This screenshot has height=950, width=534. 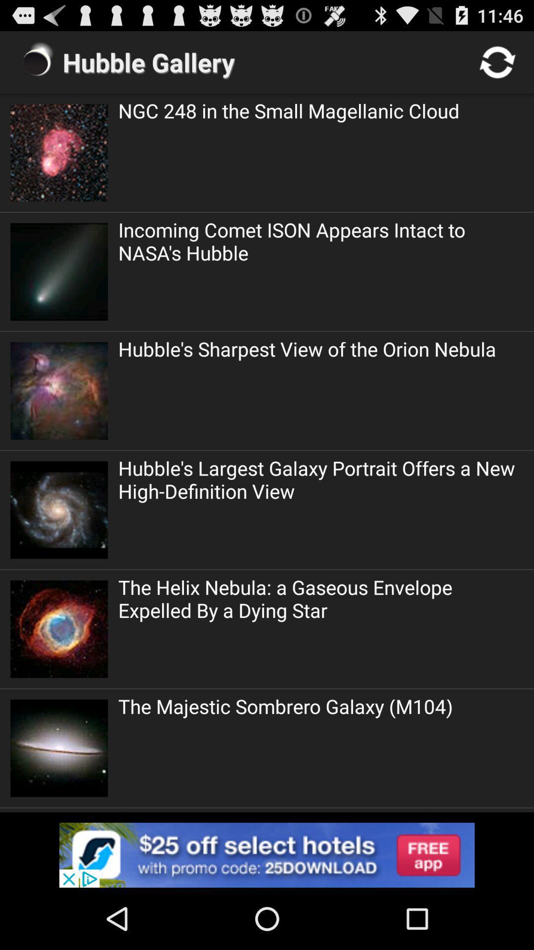 I want to click on advertisement website, so click(x=267, y=855).